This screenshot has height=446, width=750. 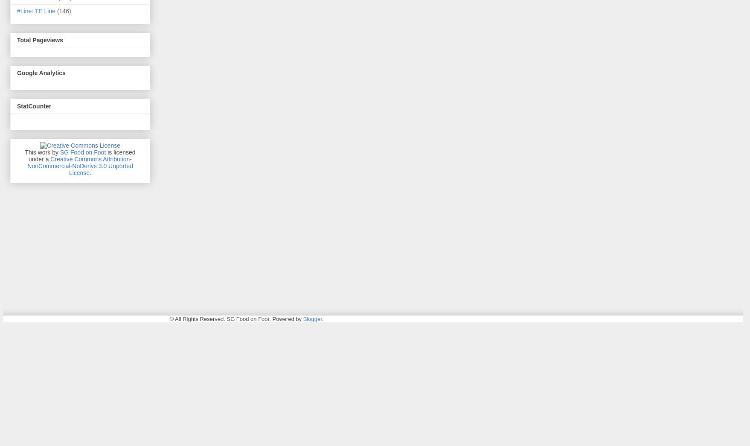 I want to click on 'This work by', so click(x=42, y=152).